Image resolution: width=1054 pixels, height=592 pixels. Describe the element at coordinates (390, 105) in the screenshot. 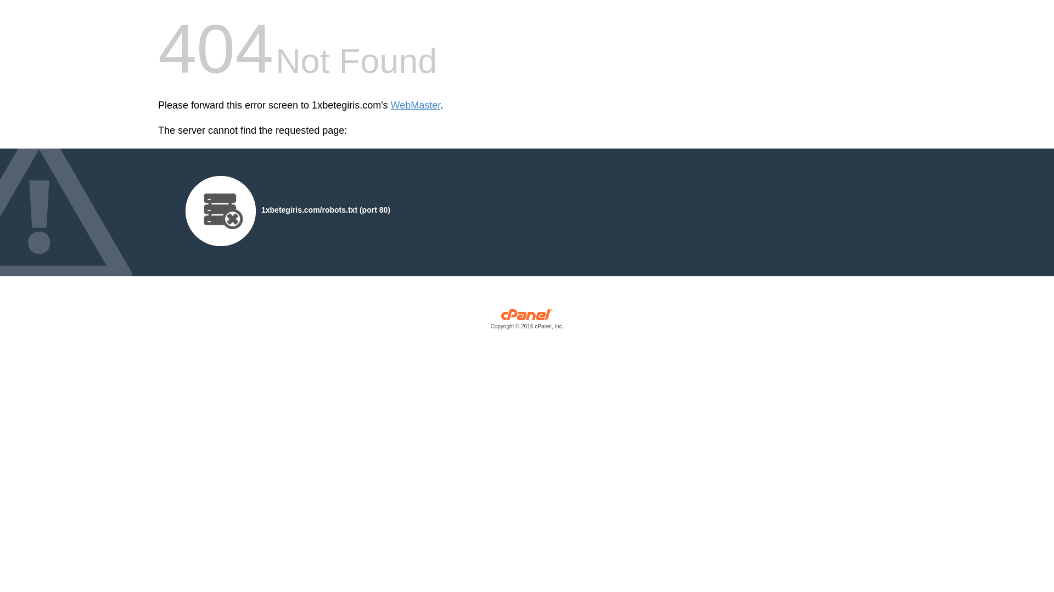

I see `'WebMaster'` at that location.